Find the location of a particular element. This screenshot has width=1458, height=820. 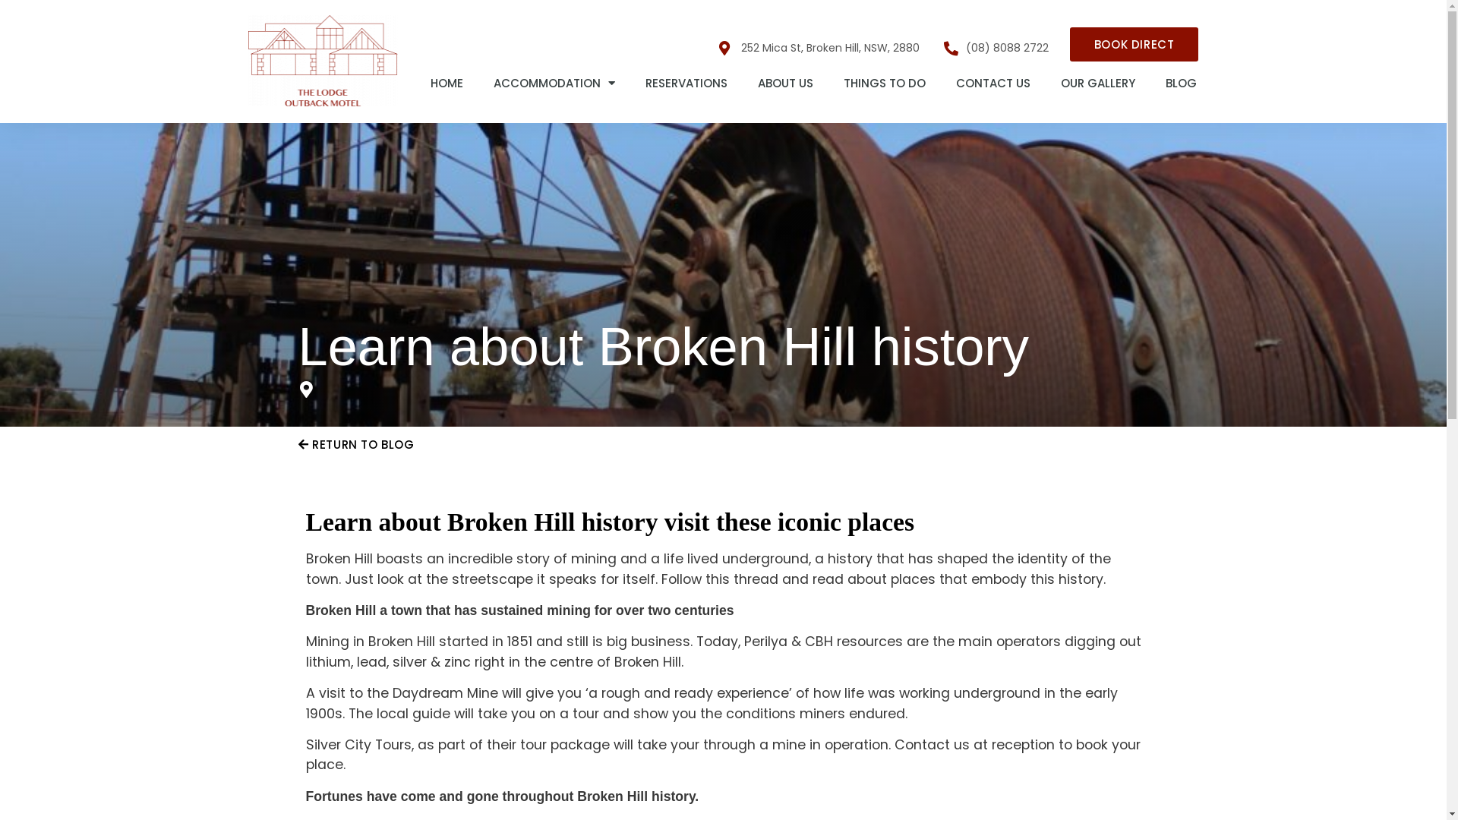

'CONTACT US' is located at coordinates (993, 84).